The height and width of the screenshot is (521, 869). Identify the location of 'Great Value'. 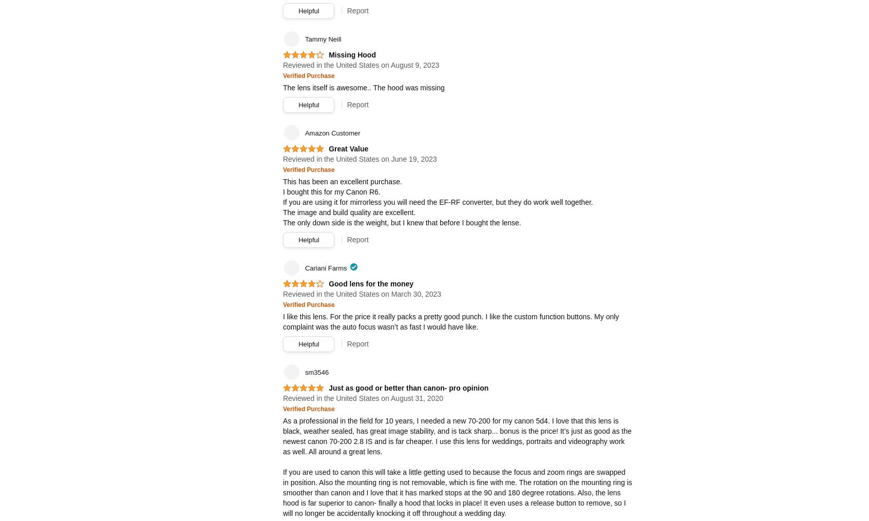
(348, 148).